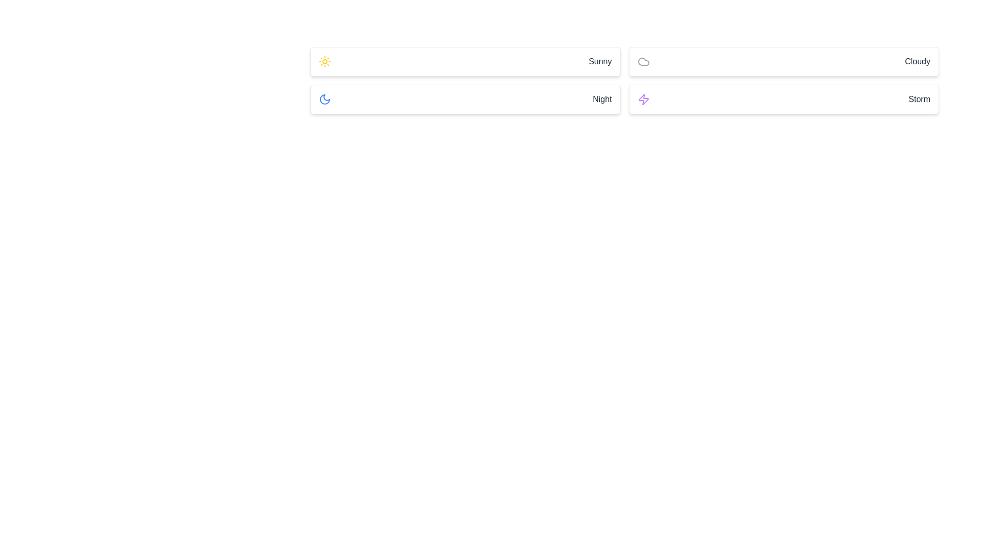 The height and width of the screenshot is (551, 981). I want to click on the crescent moon icon in the second row of the list item indicating 'Night', so click(324, 99).